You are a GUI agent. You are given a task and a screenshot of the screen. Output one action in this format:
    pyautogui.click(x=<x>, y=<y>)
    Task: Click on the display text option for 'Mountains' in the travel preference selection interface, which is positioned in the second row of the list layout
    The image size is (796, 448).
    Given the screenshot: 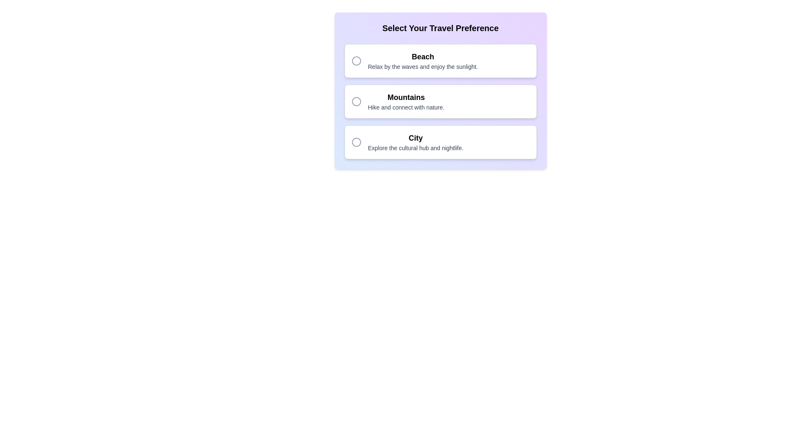 What is the action you would take?
    pyautogui.click(x=406, y=101)
    